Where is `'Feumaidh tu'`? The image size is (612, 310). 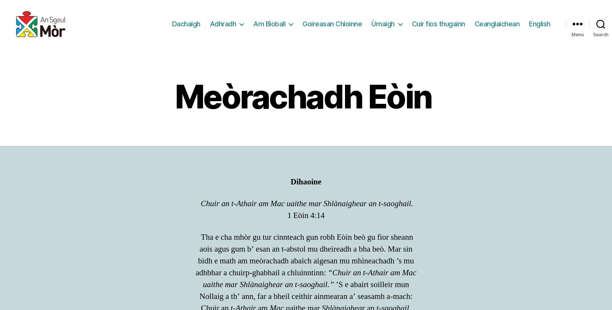
'Feumaidh tu' is located at coordinates (214, 232).